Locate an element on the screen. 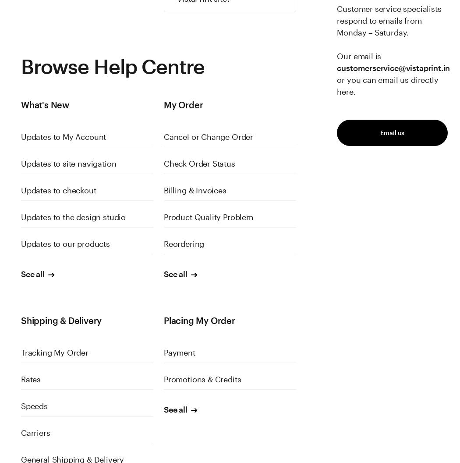 This screenshot has width=460, height=463. 'Browse Help Centre' is located at coordinates (20, 66).